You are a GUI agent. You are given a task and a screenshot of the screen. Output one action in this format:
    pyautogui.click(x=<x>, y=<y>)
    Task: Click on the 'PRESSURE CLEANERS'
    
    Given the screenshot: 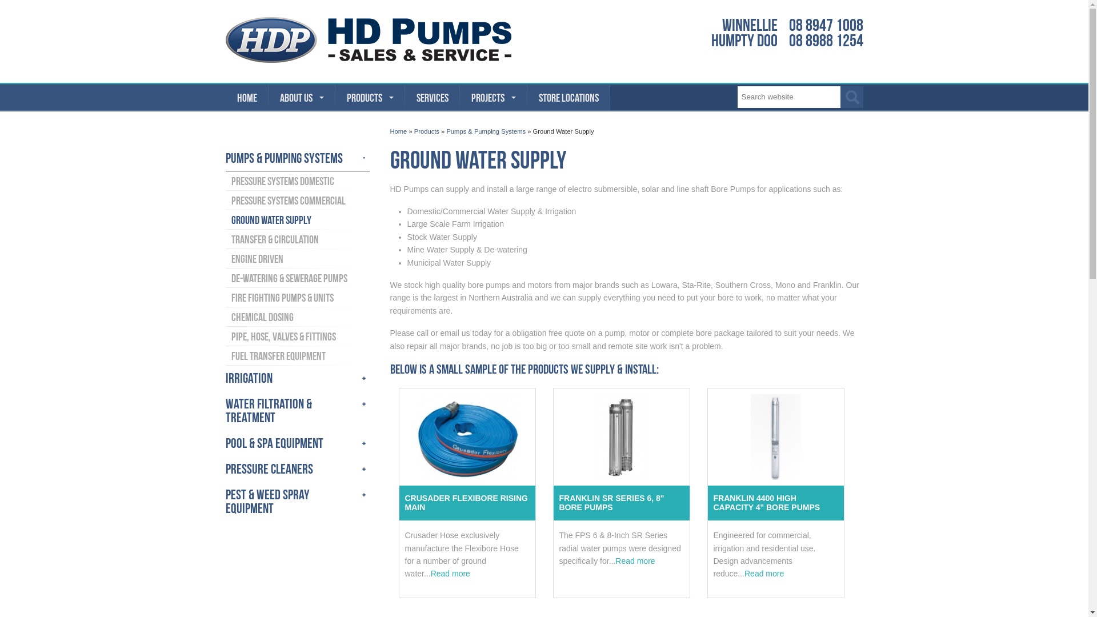 What is the action you would take?
    pyautogui.click(x=297, y=469)
    